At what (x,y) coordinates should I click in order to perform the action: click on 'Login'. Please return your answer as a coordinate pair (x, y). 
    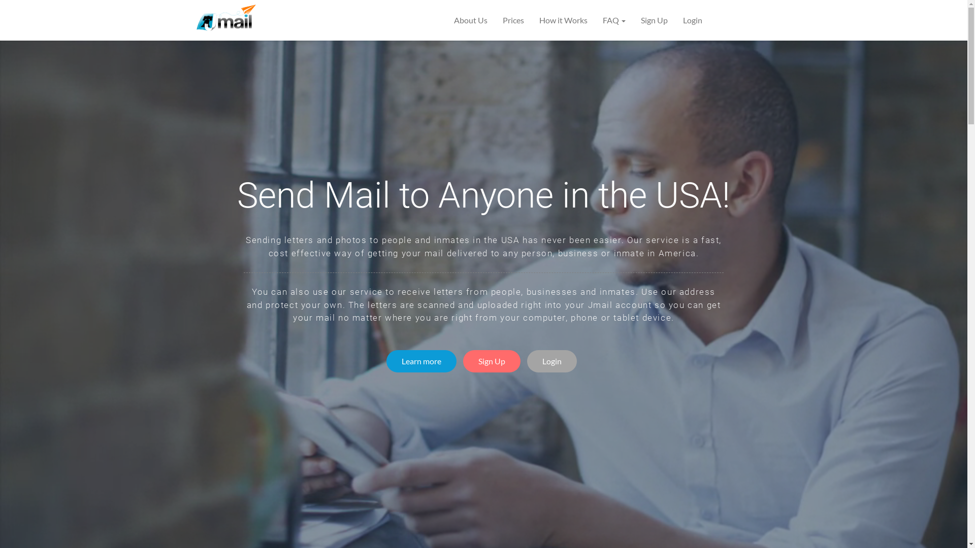
    Looking at the image, I should click on (692, 20).